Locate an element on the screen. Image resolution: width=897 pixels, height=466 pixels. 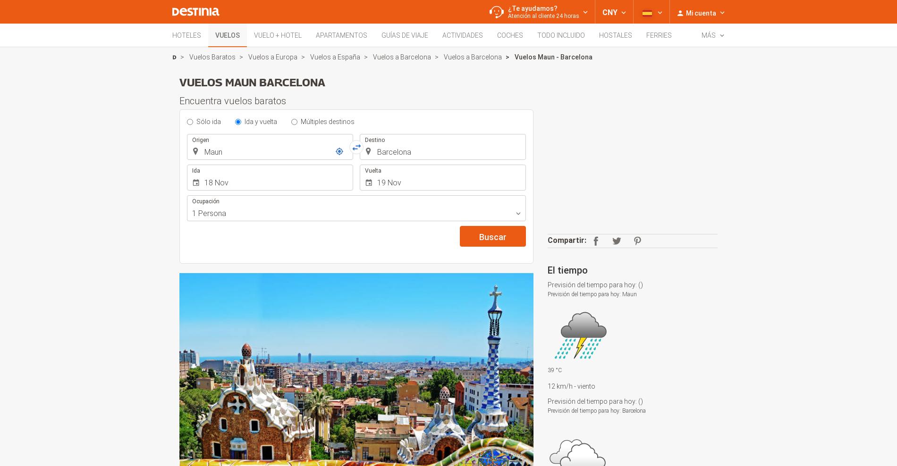
'12 km/h' is located at coordinates (547, 386).